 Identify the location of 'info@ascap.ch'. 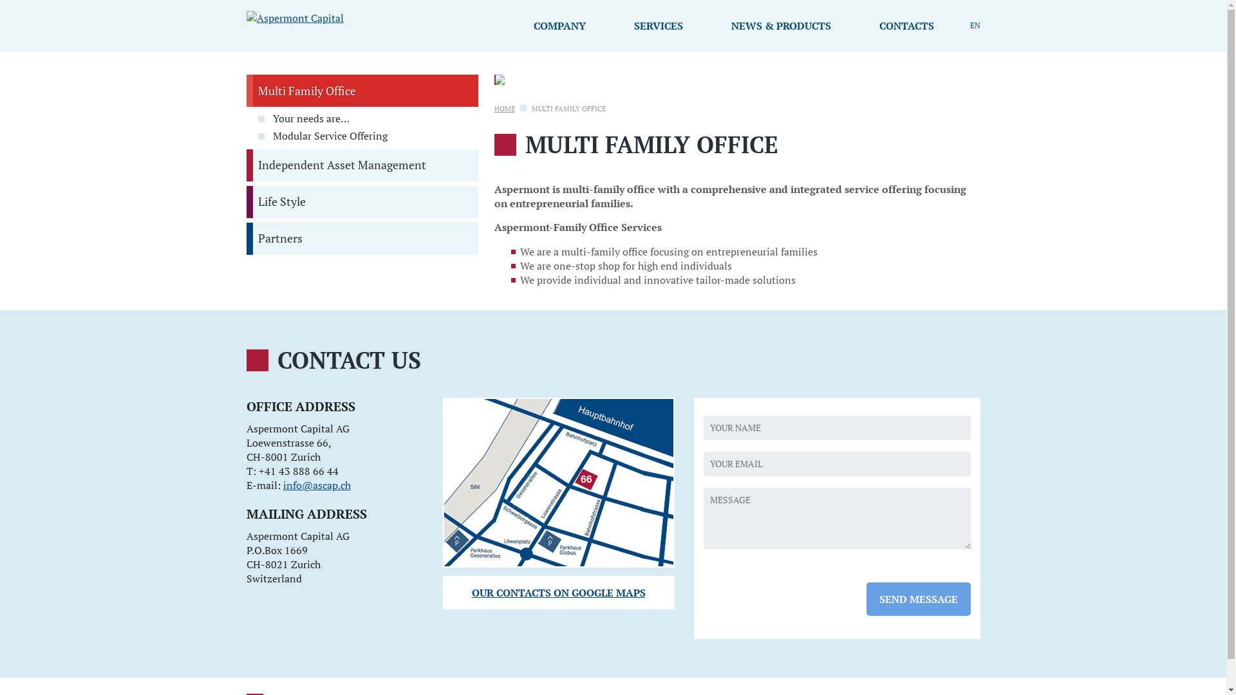
(317, 485).